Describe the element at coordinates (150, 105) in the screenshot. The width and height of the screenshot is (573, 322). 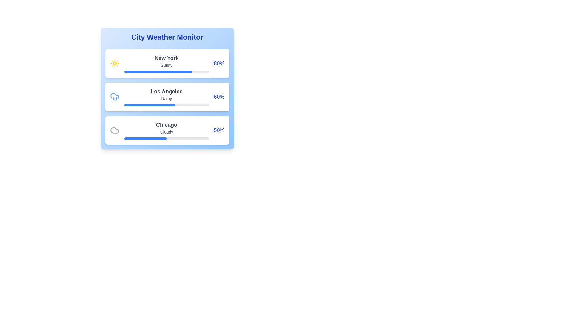
I see `the blue progress bar representing 60% completion, located beneath the 'Los Angeles' label in the weather details UI` at that location.